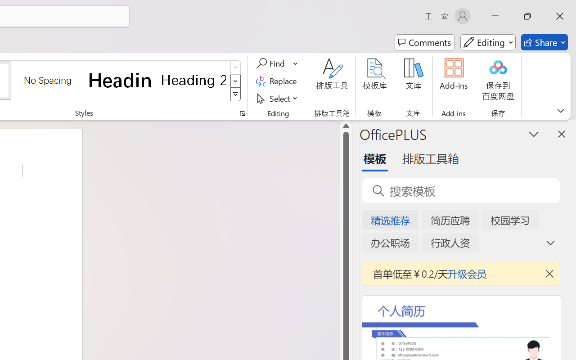 Image resolution: width=576 pixels, height=360 pixels. What do you see at coordinates (560, 110) in the screenshot?
I see `'Ribbon Display Options'` at bounding box center [560, 110].